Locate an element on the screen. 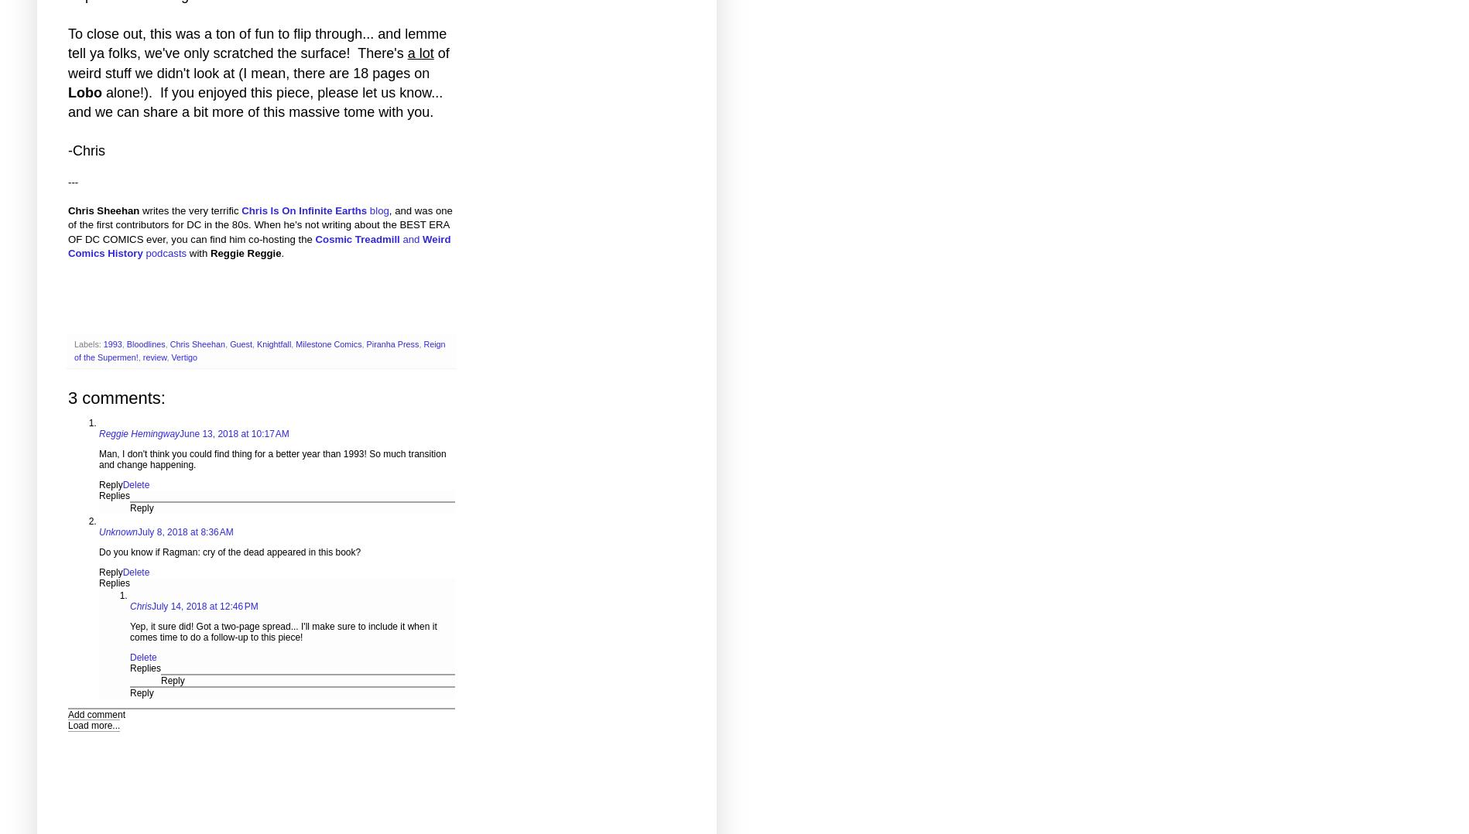  'Do you know if Ragman: cry of the dead appeared in this book?' is located at coordinates (229, 550).